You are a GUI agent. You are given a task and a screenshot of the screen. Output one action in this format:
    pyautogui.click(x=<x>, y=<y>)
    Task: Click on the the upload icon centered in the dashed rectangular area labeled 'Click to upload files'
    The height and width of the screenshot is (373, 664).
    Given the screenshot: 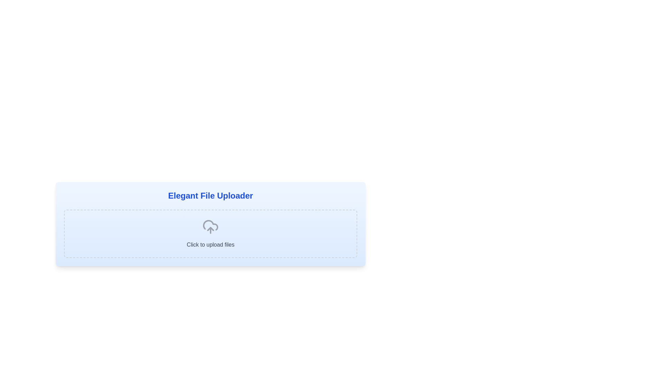 What is the action you would take?
    pyautogui.click(x=210, y=227)
    